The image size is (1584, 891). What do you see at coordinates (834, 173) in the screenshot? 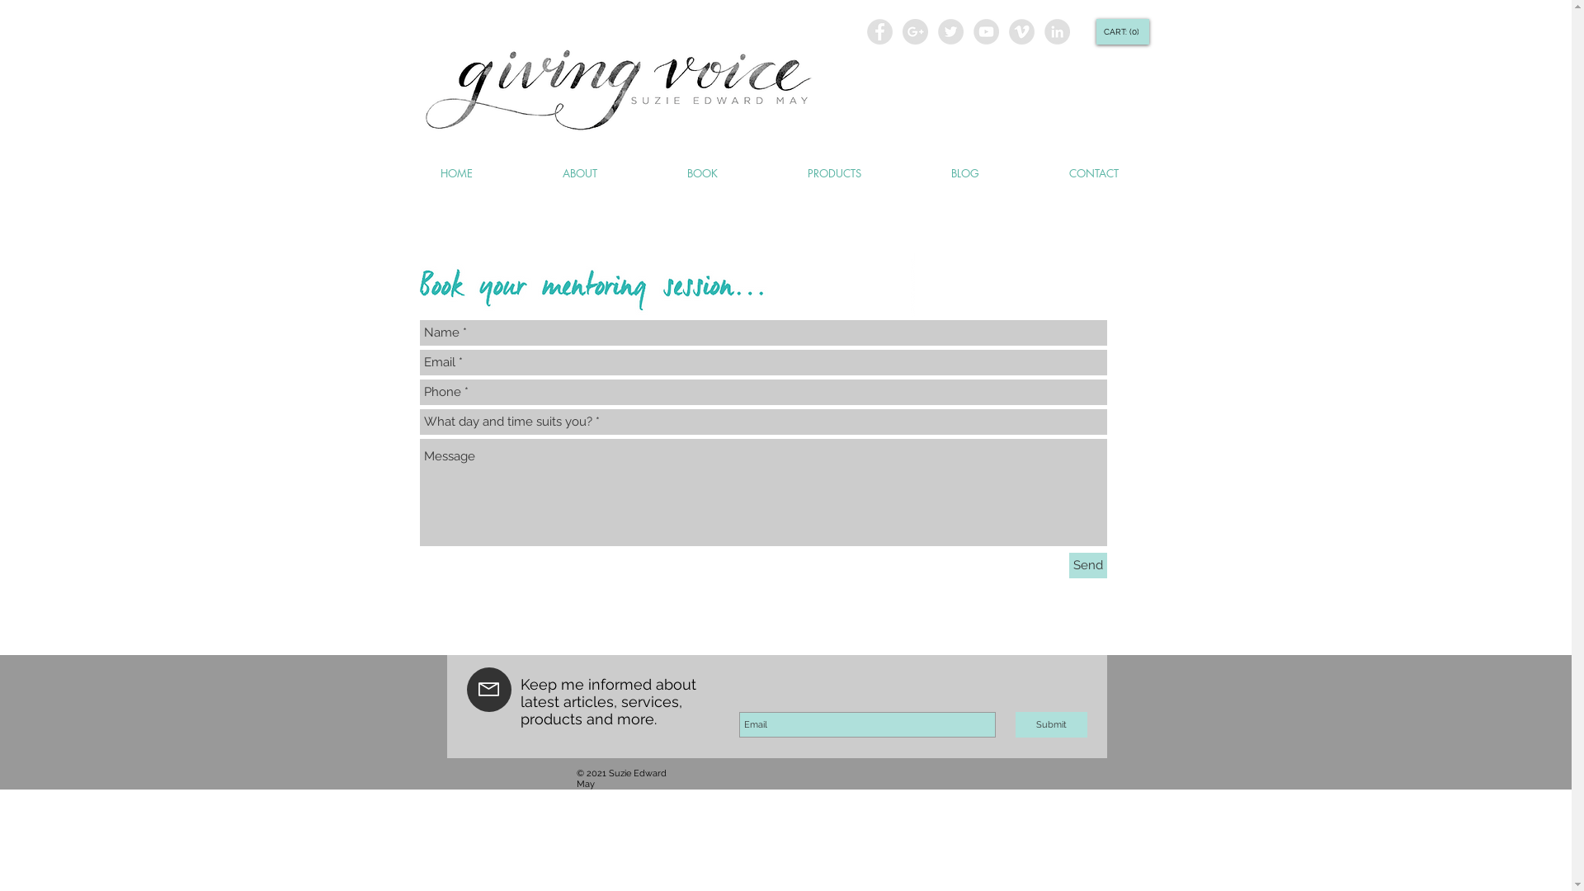
I see `'PRODUCTS'` at bounding box center [834, 173].